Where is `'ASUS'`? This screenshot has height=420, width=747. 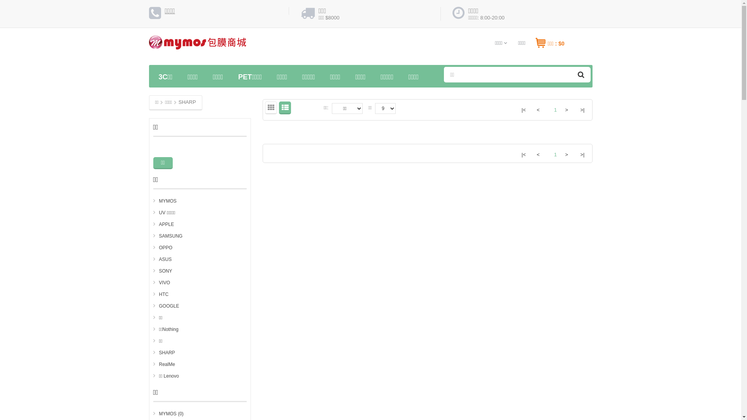
'ASUS' is located at coordinates (162, 259).